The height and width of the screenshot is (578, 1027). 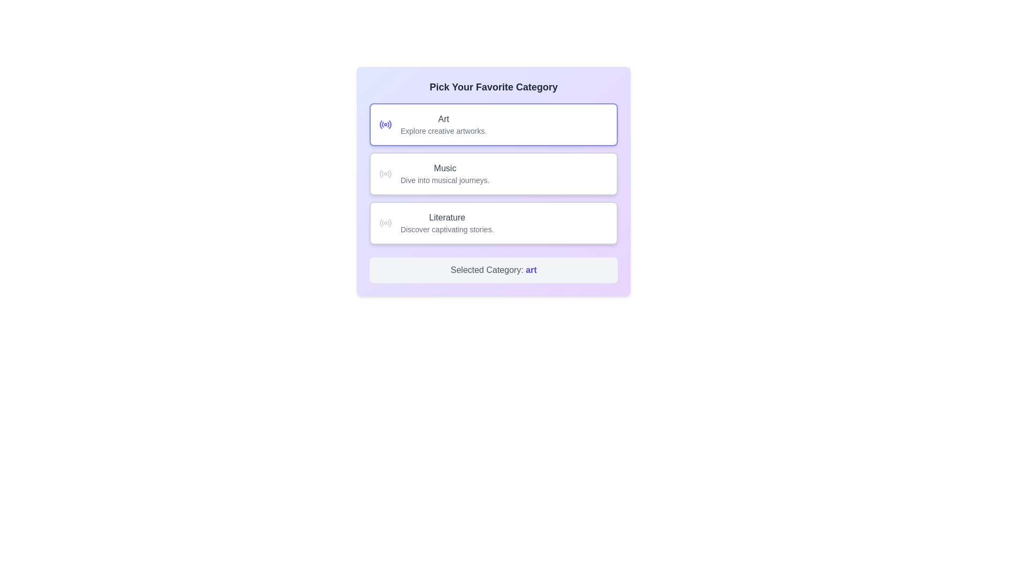 What do you see at coordinates (389, 173) in the screenshot?
I see `the outermost arc of the 'radio' or 'soundwave' icon, which is located to the left of the 'Music' list item` at bounding box center [389, 173].